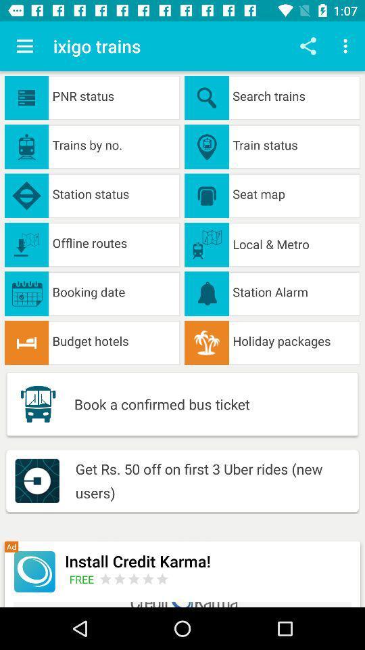 The height and width of the screenshot is (650, 365). Describe the element at coordinates (34, 571) in the screenshot. I see `open advertisement` at that location.